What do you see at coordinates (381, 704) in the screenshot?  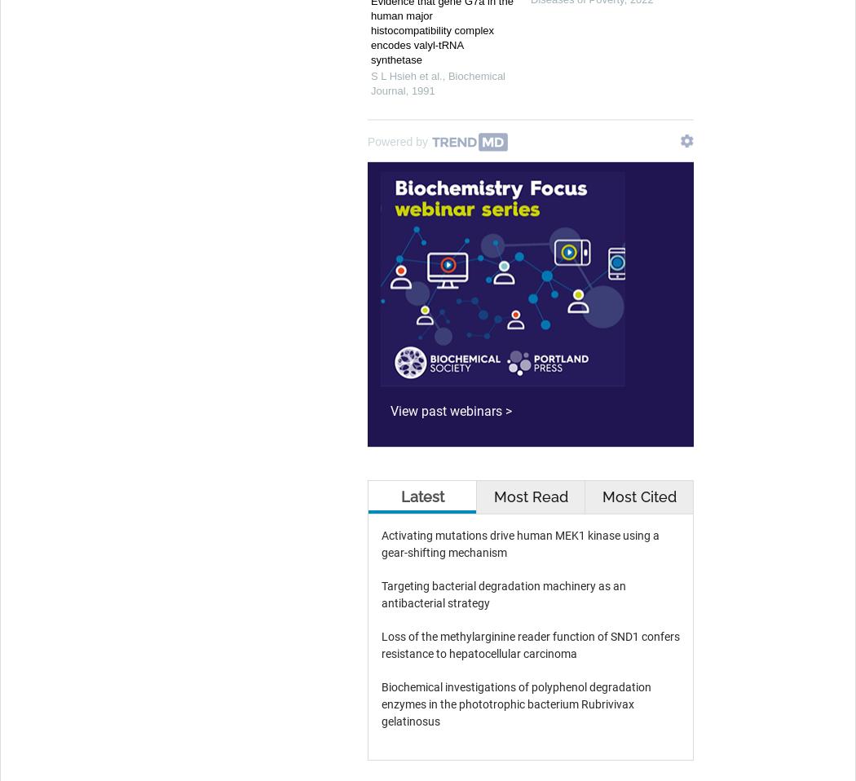 I see `'Biochemical investigations of polyphenol degradation enzymes in the phototrophic bacterium Rubrivivax gelatinosus'` at bounding box center [381, 704].